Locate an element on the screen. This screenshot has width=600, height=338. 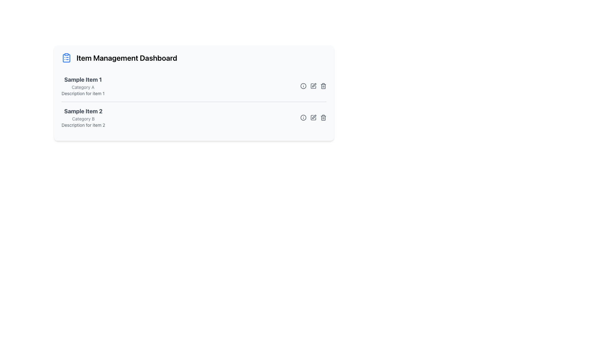
the static label text displaying 'Category A', which is located below the title 'Sample Item 1' and above the description 'Description for item 1' is located at coordinates (82, 87).